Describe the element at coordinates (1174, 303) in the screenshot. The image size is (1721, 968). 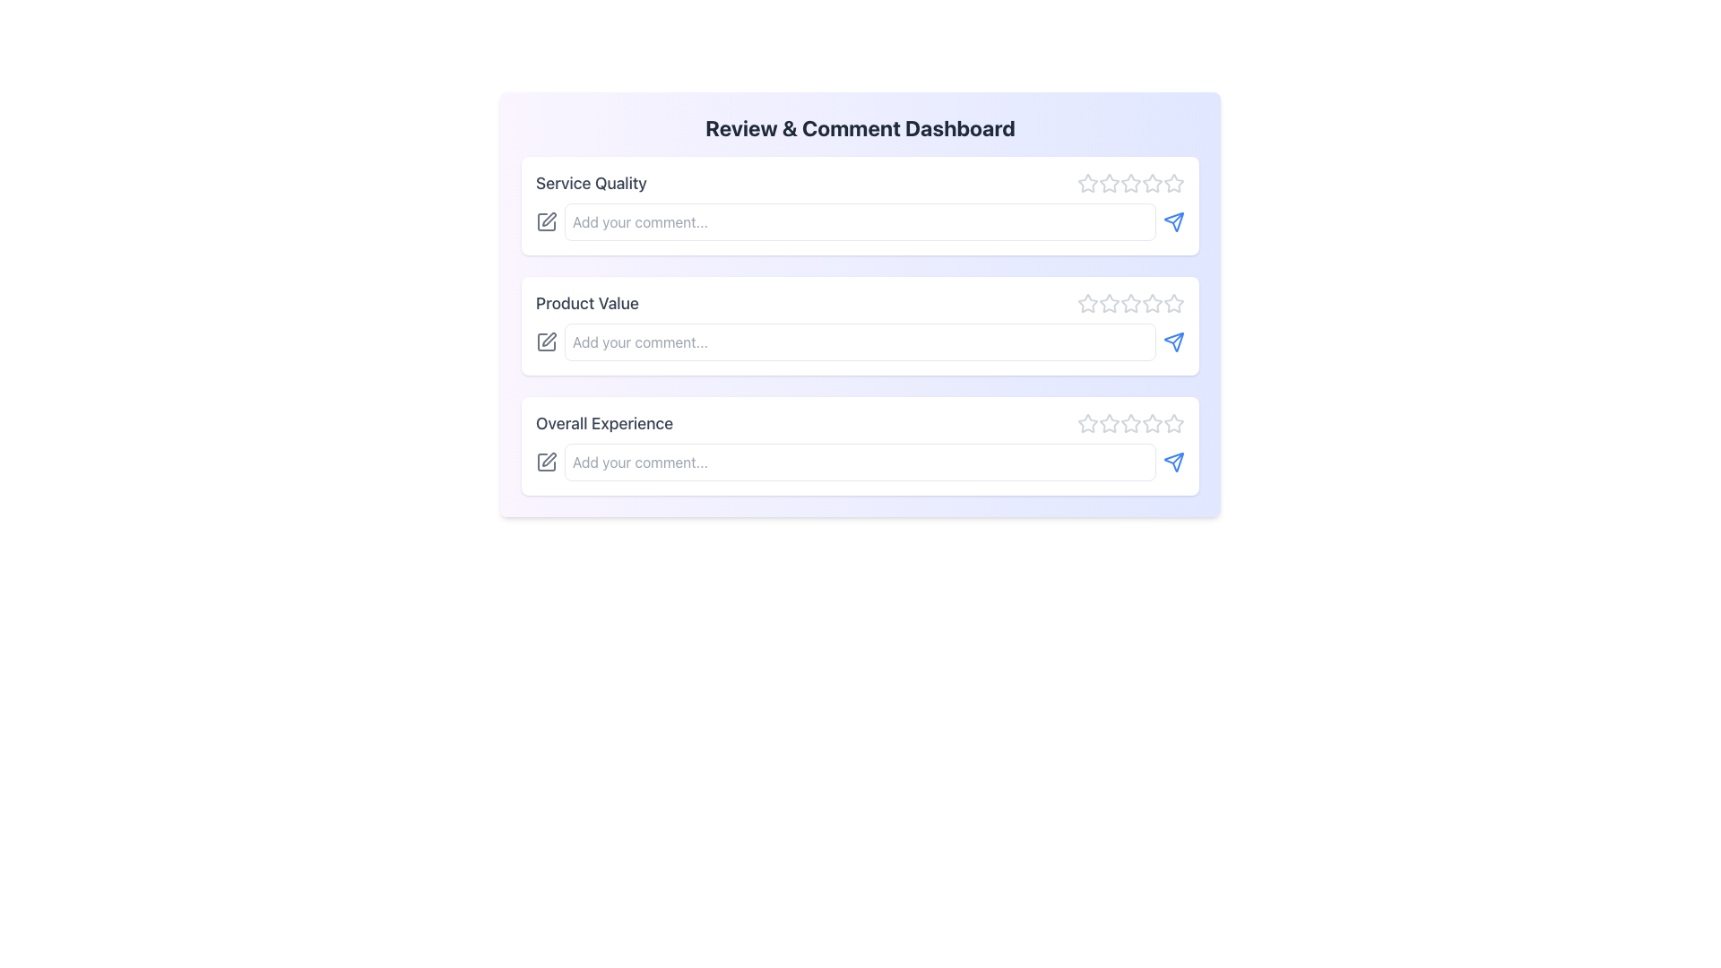
I see `the fifth star-shaped icon in the 'Product Value' rating section` at that location.